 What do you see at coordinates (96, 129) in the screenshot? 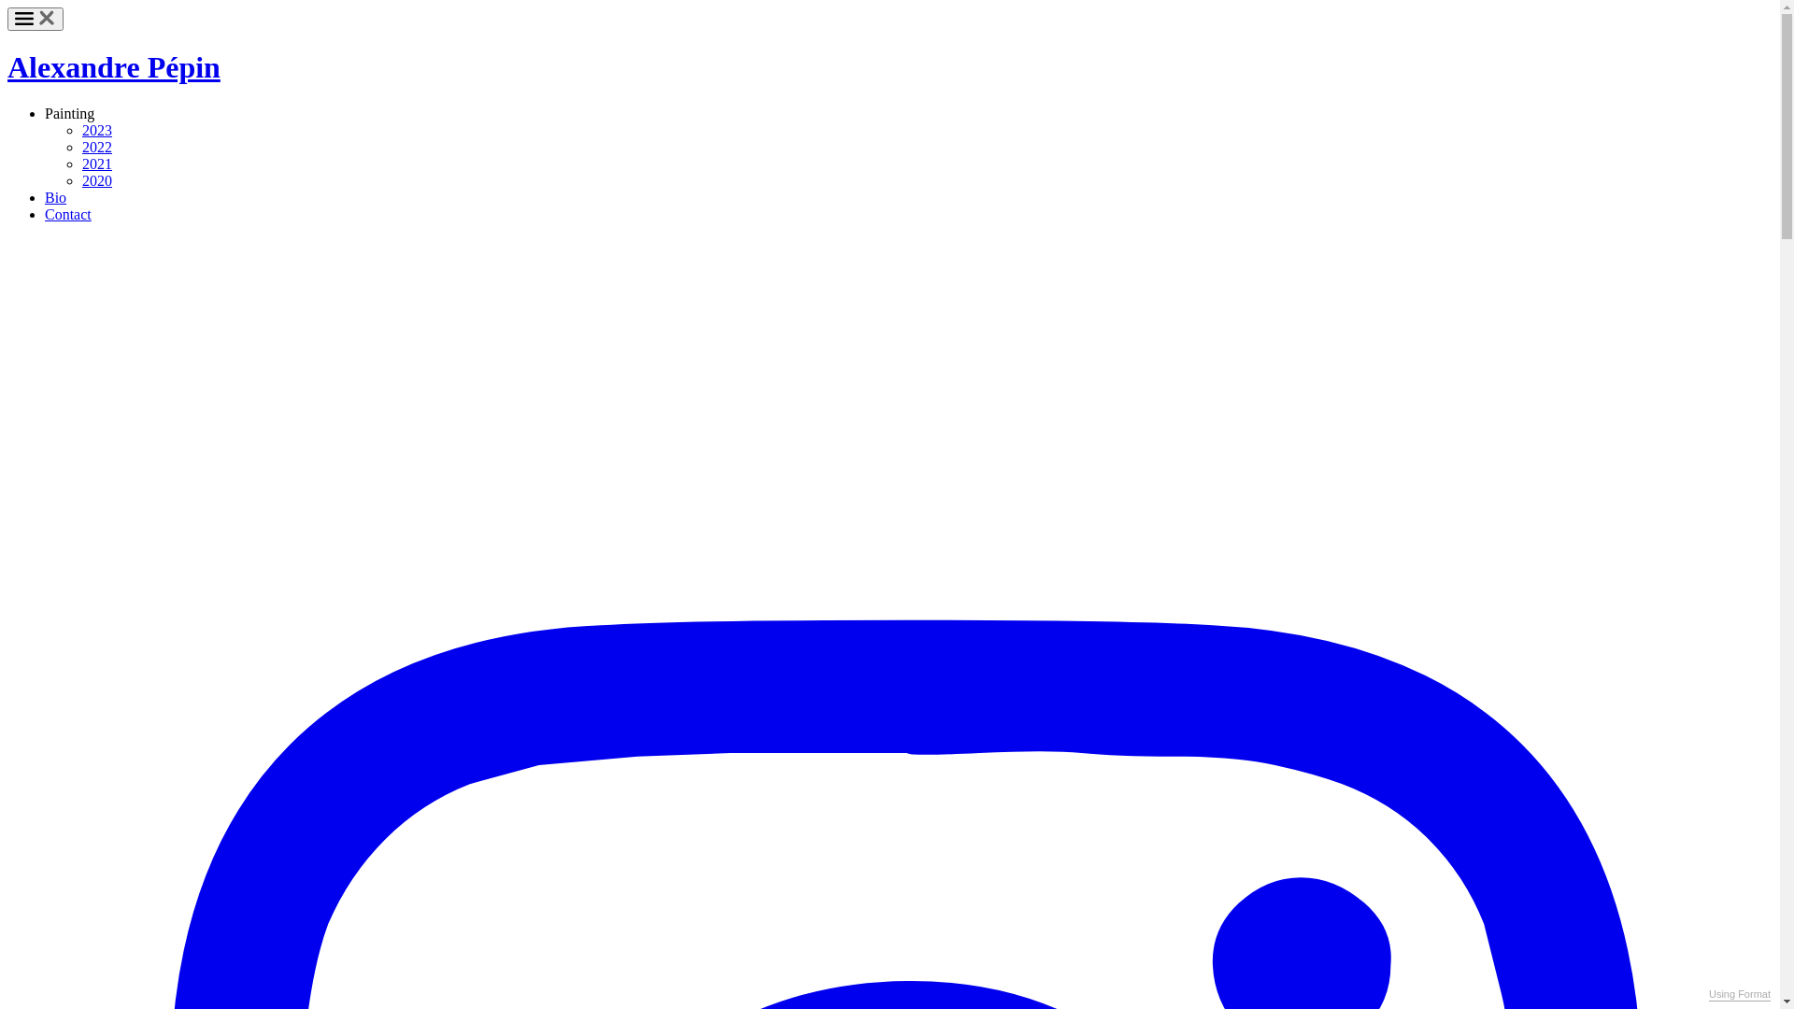
I see `'2023'` at bounding box center [96, 129].